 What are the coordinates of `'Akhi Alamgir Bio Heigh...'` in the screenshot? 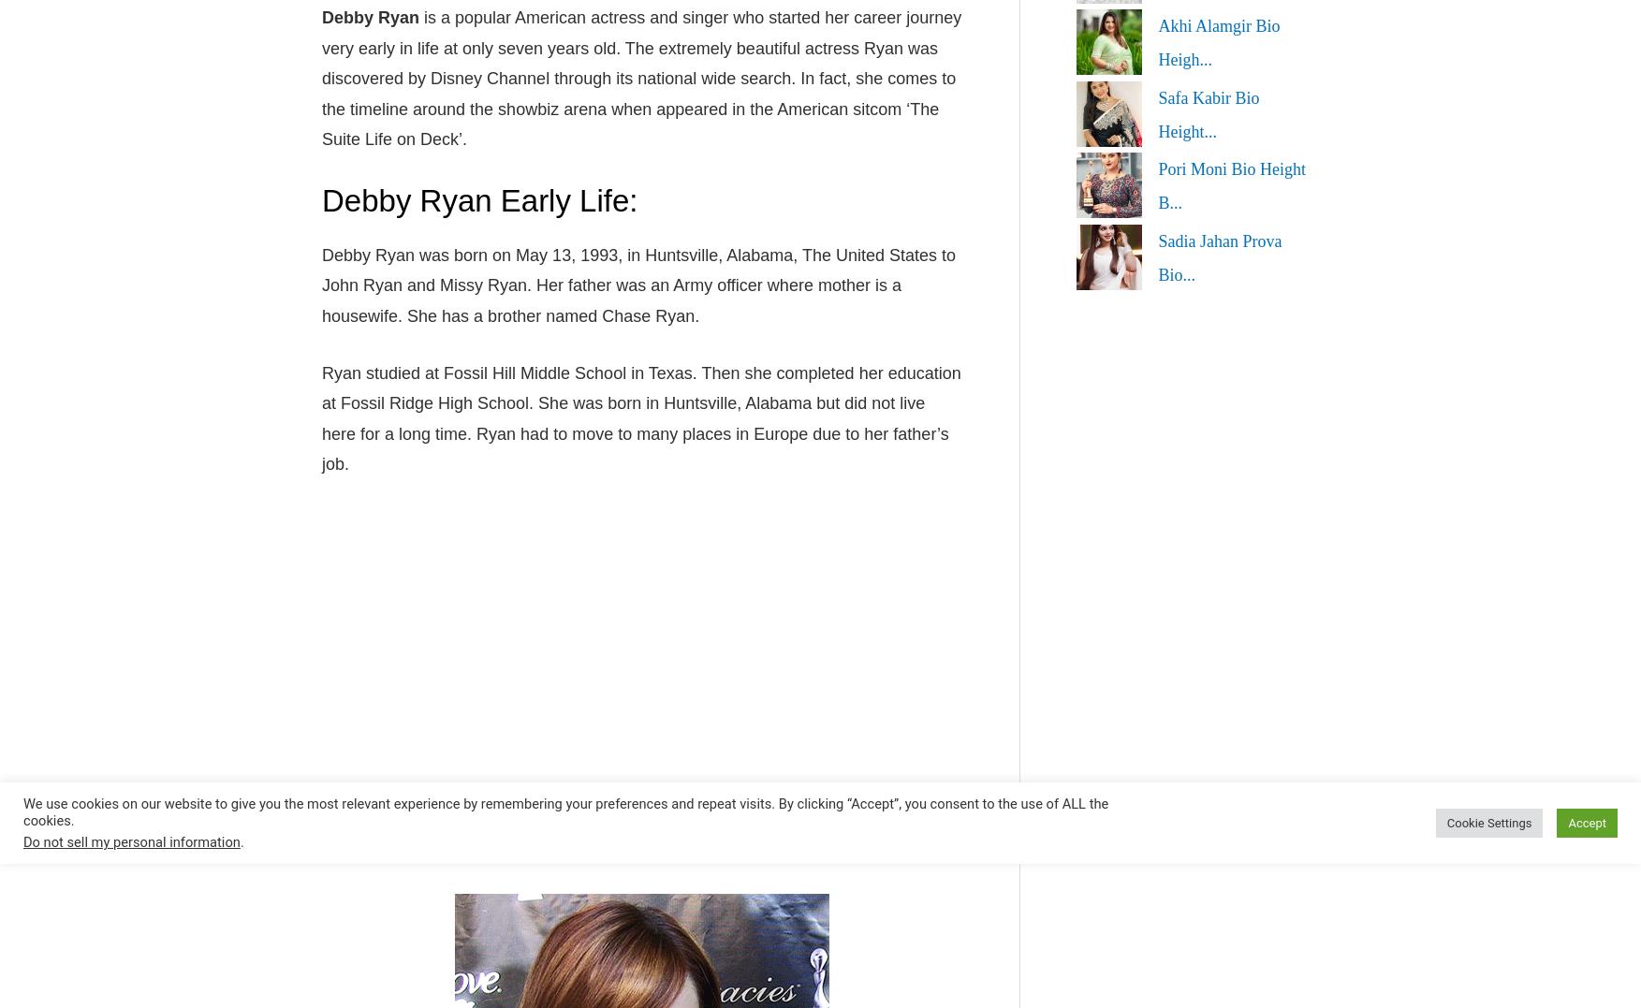 It's located at (1218, 42).